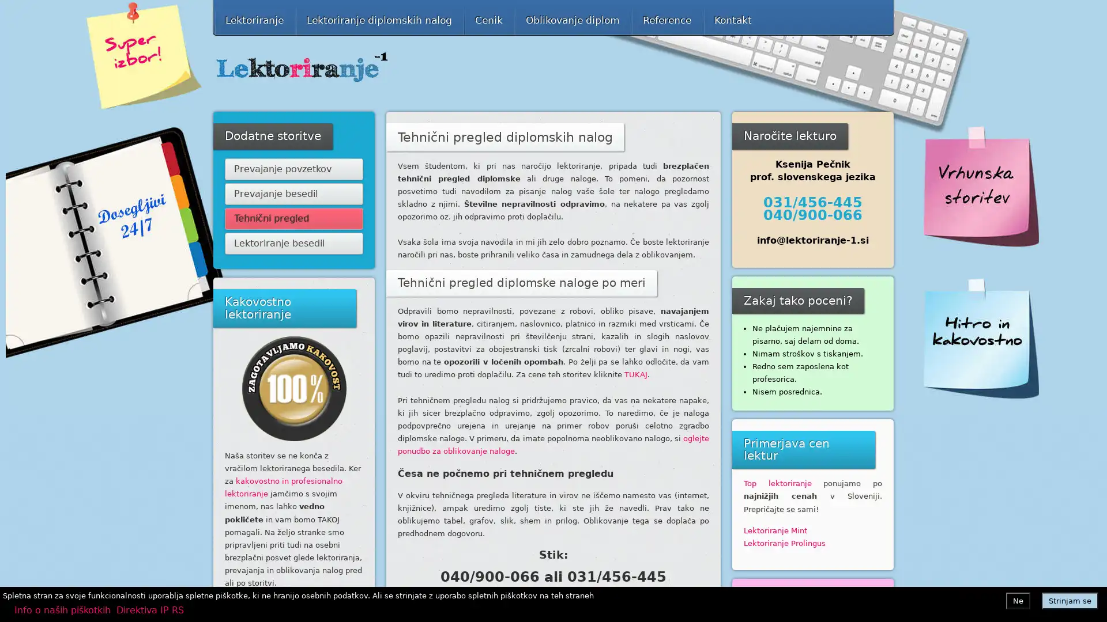  What do you see at coordinates (1018, 600) in the screenshot?
I see `Ne` at bounding box center [1018, 600].